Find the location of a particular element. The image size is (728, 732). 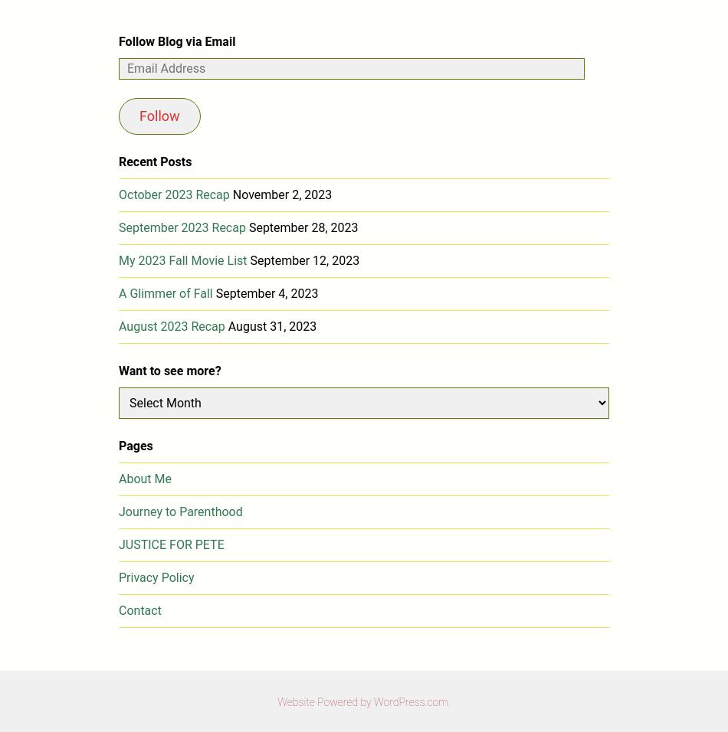

'August 2023 Recap' is located at coordinates (172, 325).